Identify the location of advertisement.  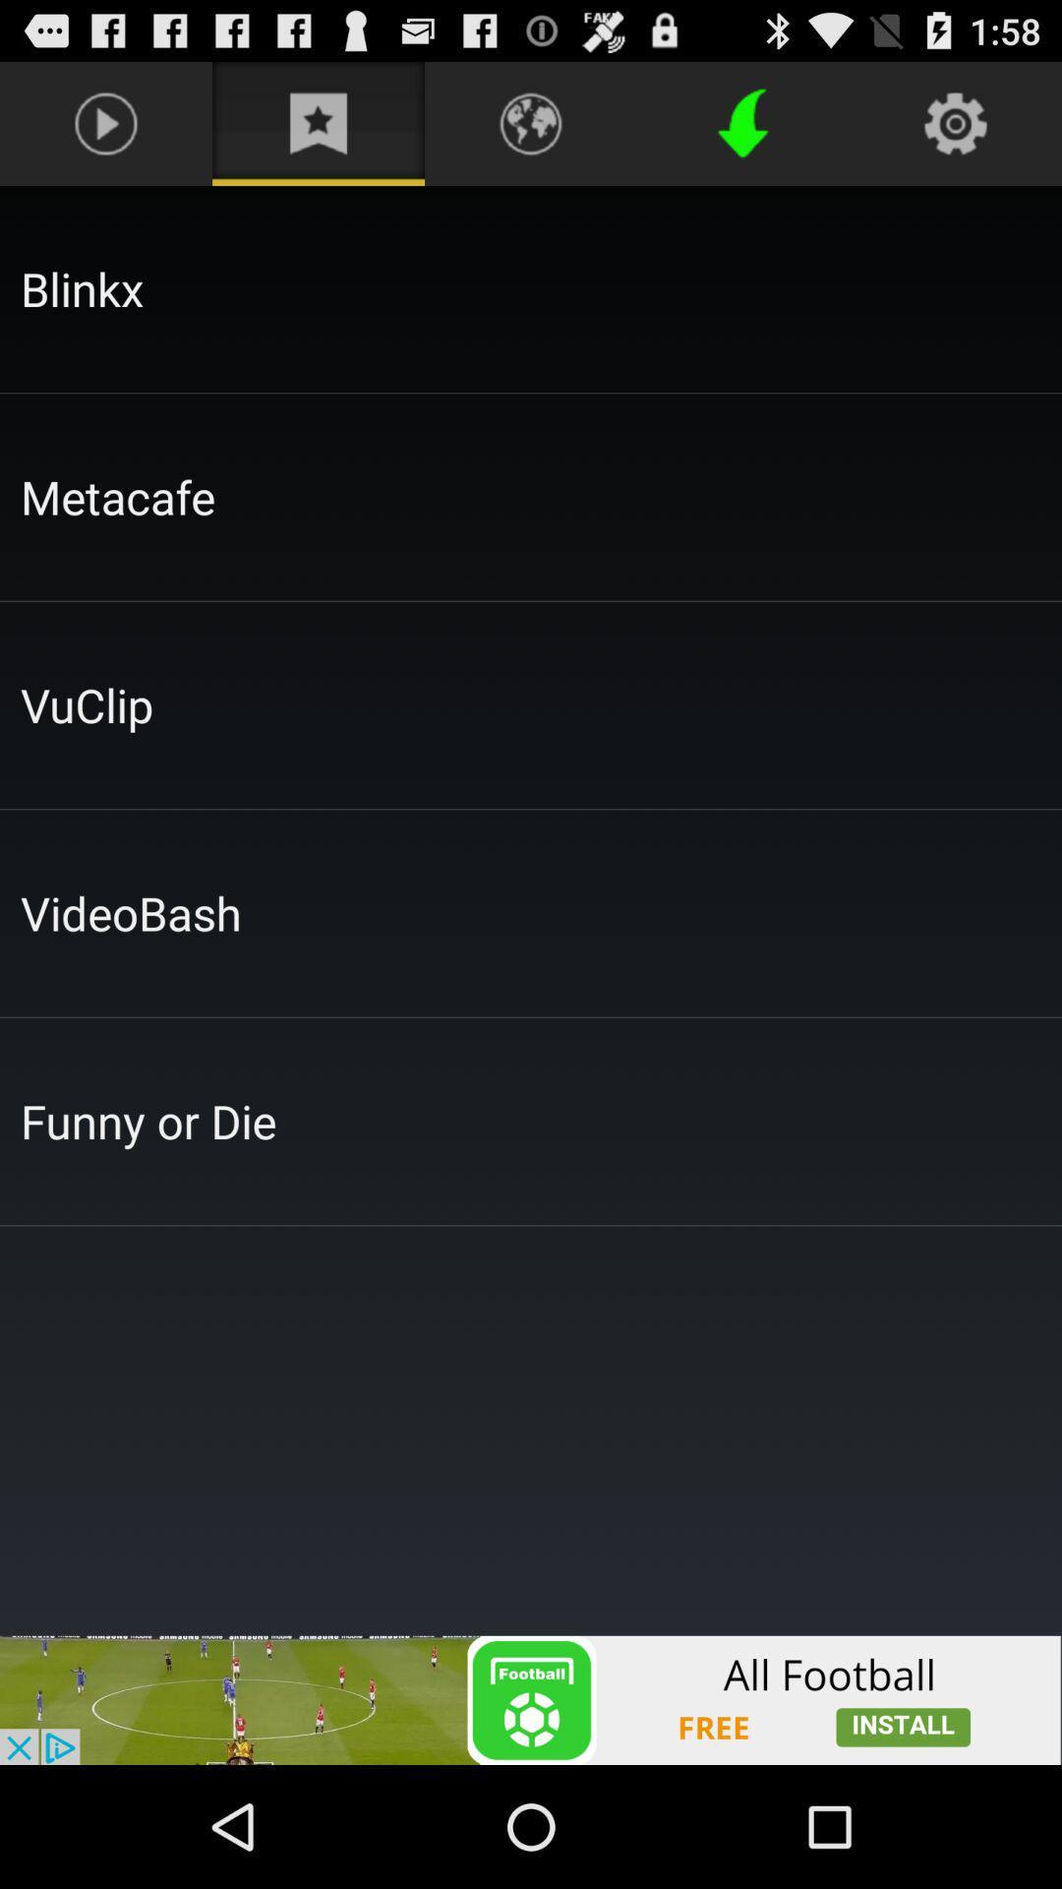
(531, 1699).